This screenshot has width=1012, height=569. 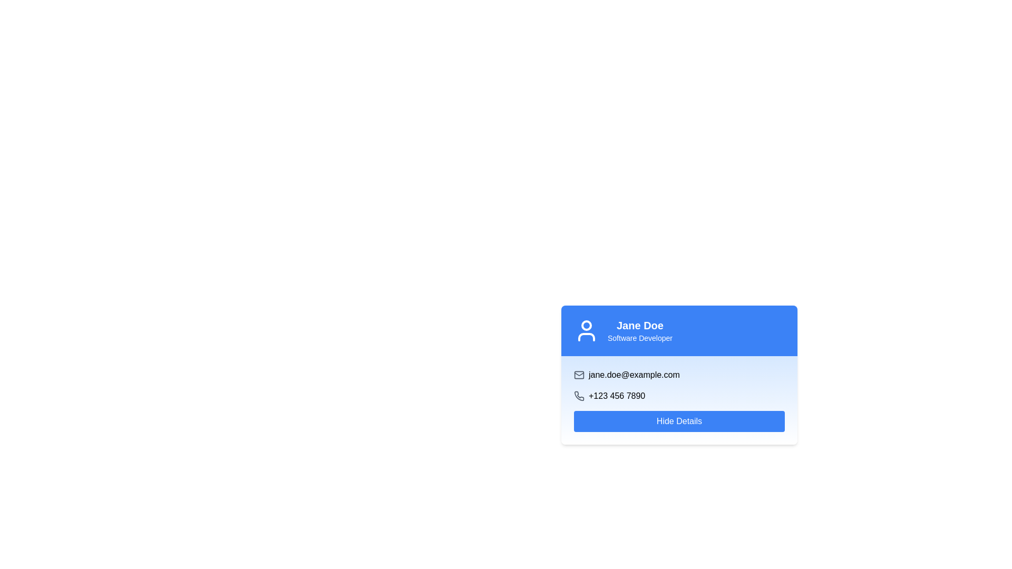 What do you see at coordinates (579, 375) in the screenshot?
I see `the upper rectangular component of the mail icon that represents email functionality` at bounding box center [579, 375].